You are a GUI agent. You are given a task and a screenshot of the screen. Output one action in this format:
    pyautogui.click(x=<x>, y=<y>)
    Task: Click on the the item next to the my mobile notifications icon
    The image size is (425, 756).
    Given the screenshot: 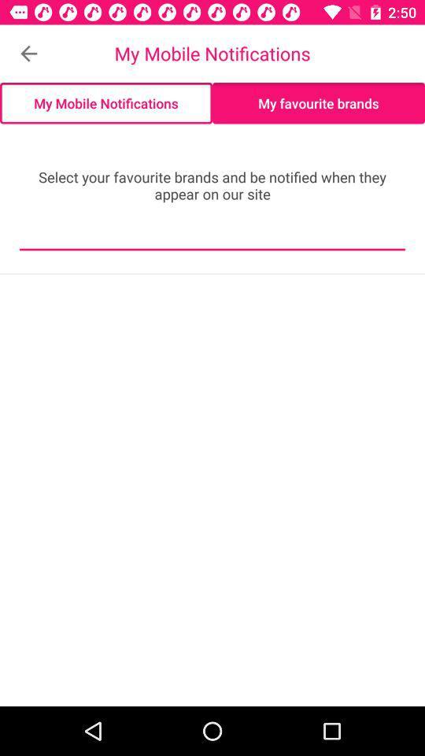 What is the action you would take?
    pyautogui.click(x=28, y=54)
    